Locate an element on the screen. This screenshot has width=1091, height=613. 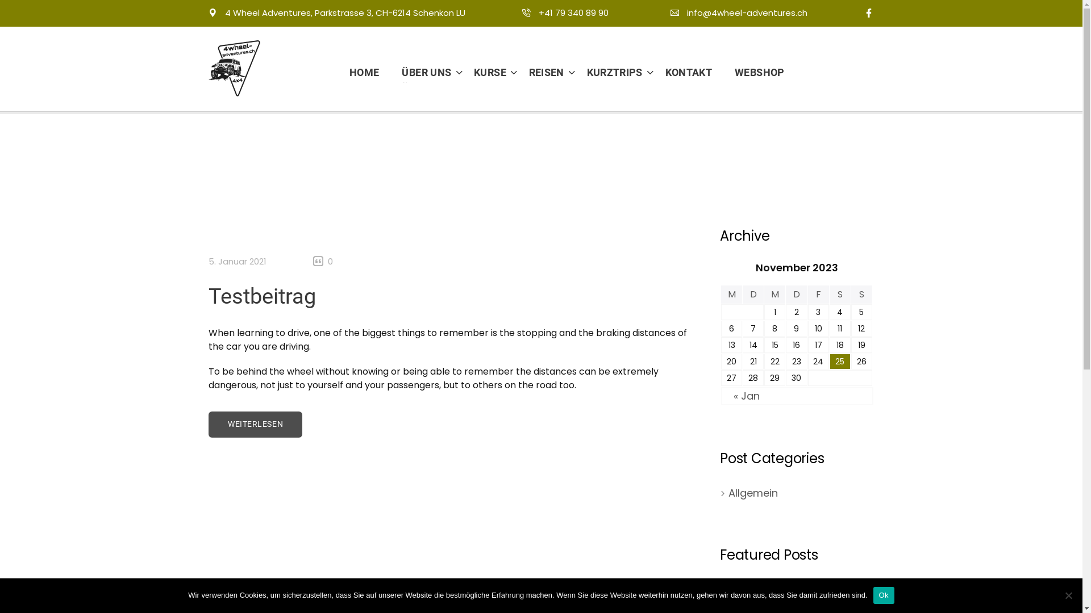
'HOME' is located at coordinates (370, 72).